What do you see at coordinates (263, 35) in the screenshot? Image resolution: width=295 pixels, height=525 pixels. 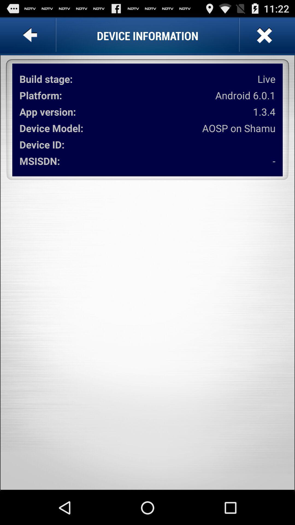 I see `item to the right of the device information app` at bounding box center [263, 35].